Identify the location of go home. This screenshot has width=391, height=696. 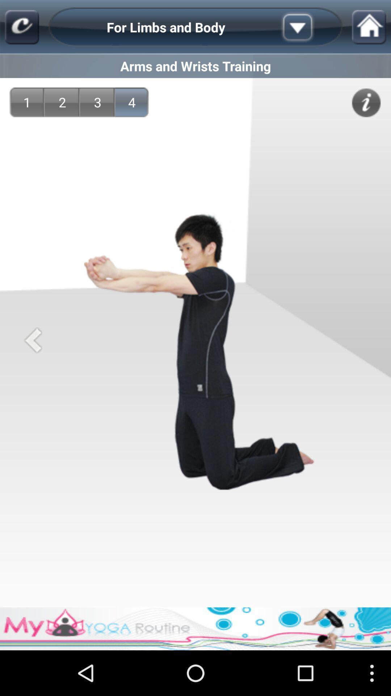
(369, 27).